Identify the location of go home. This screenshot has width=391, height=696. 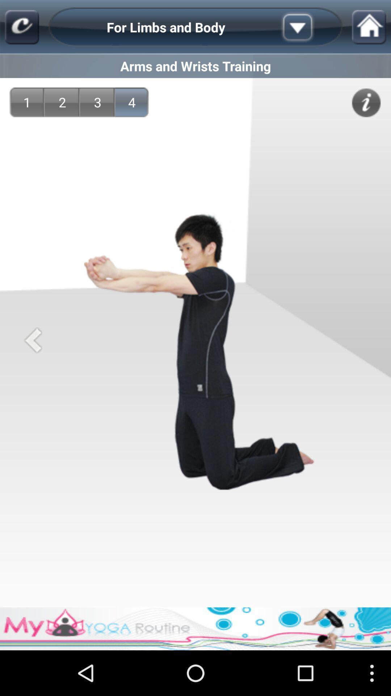
(369, 27).